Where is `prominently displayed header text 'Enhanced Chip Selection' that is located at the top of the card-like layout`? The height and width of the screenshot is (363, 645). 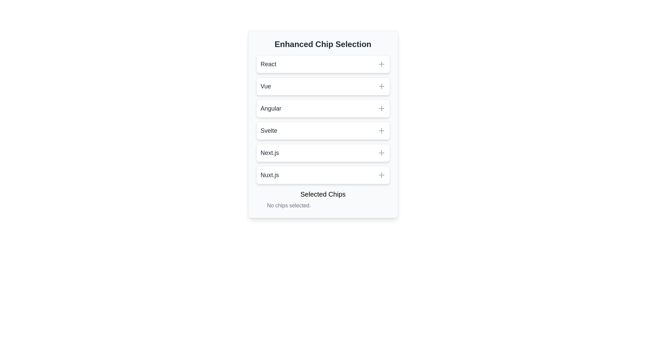
prominently displayed header text 'Enhanced Chip Selection' that is located at the top of the card-like layout is located at coordinates (323, 44).